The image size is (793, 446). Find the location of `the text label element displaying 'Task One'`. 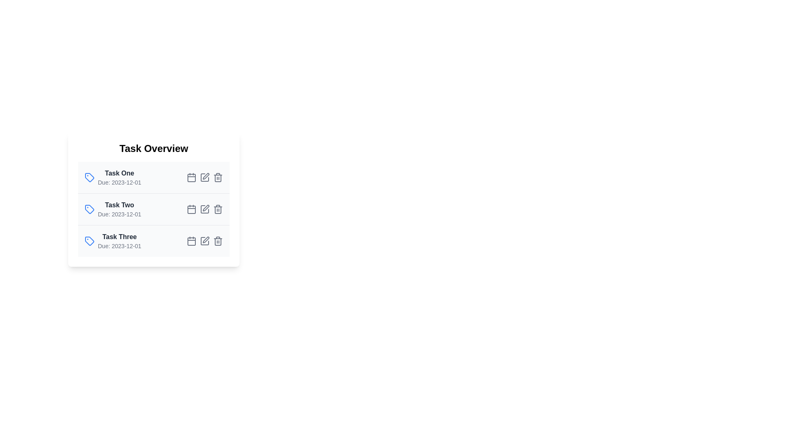

the text label element displaying 'Task One' is located at coordinates (119, 173).